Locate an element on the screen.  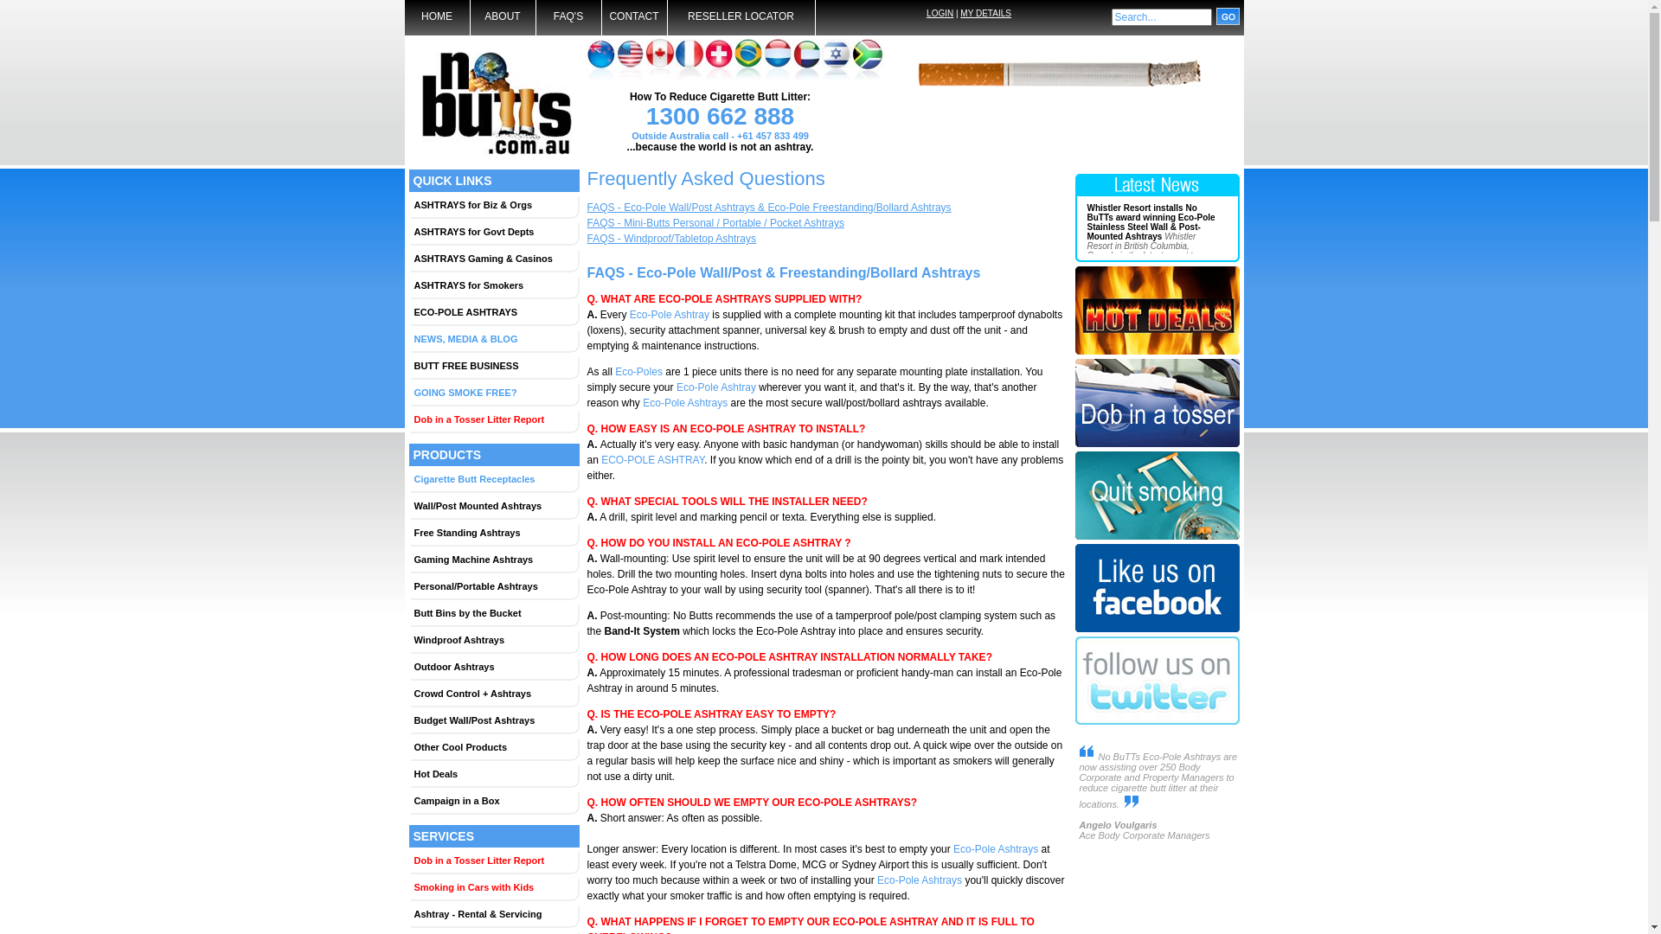
'Cigarette Butt Receptacles' is located at coordinates (493, 479).